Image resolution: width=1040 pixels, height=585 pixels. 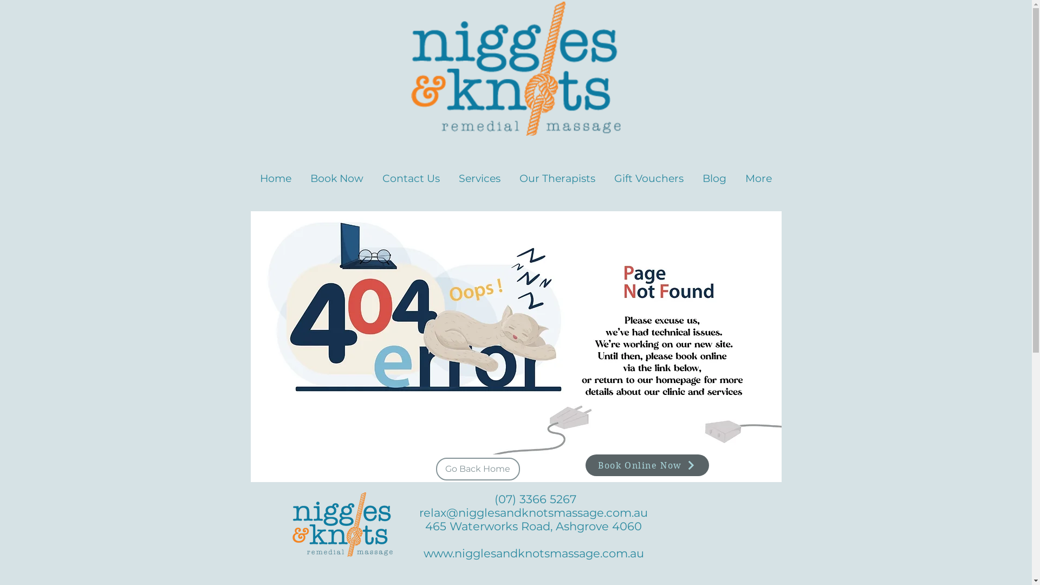 I want to click on 'Gift Vouchers', so click(x=648, y=173).